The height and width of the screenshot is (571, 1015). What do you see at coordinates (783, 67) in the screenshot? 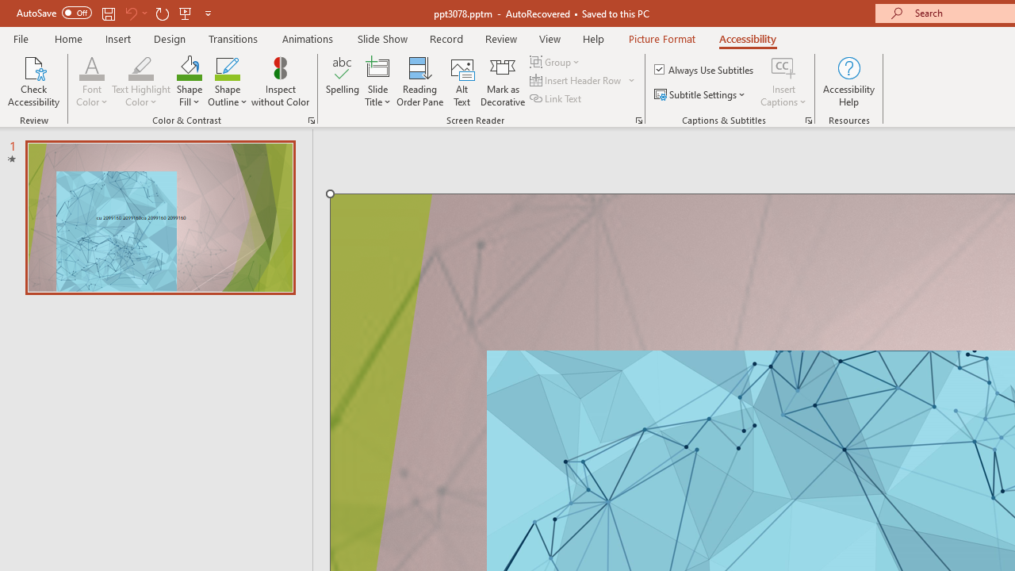
I see `'Insert Captions'` at bounding box center [783, 67].